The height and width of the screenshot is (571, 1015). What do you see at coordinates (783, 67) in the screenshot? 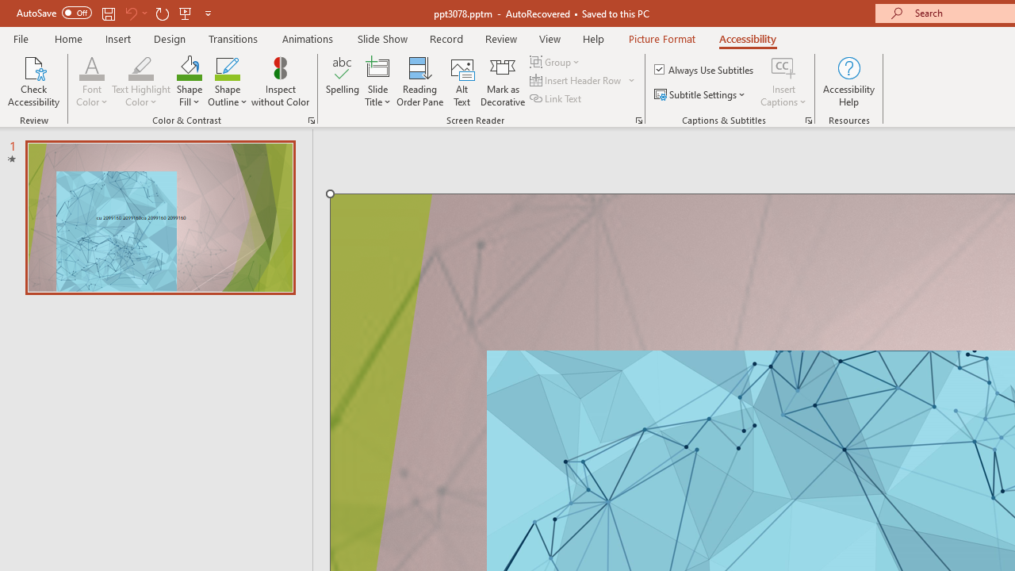
I see `'Insert Captions'` at bounding box center [783, 67].